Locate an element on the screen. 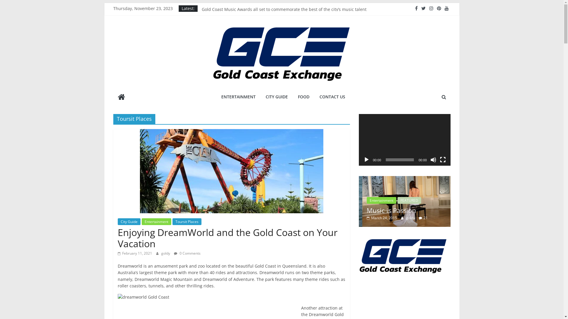 The width and height of the screenshot is (568, 319). 'Gold Coast Shoots and Scores as Host for the NBL Blitz' is located at coordinates (256, 10).